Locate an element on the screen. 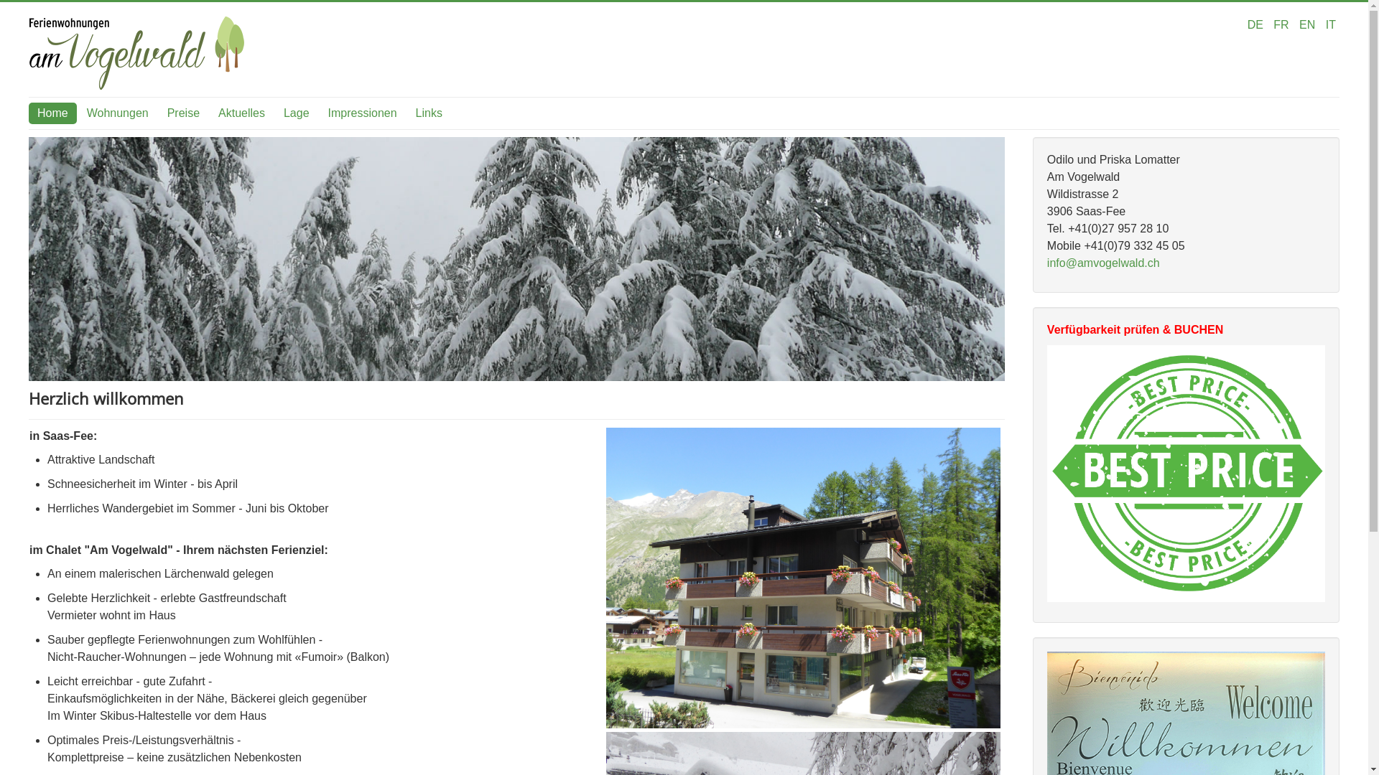 This screenshot has height=775, width=1379. 'Aktuelles' is located at coordinates (241, 113).